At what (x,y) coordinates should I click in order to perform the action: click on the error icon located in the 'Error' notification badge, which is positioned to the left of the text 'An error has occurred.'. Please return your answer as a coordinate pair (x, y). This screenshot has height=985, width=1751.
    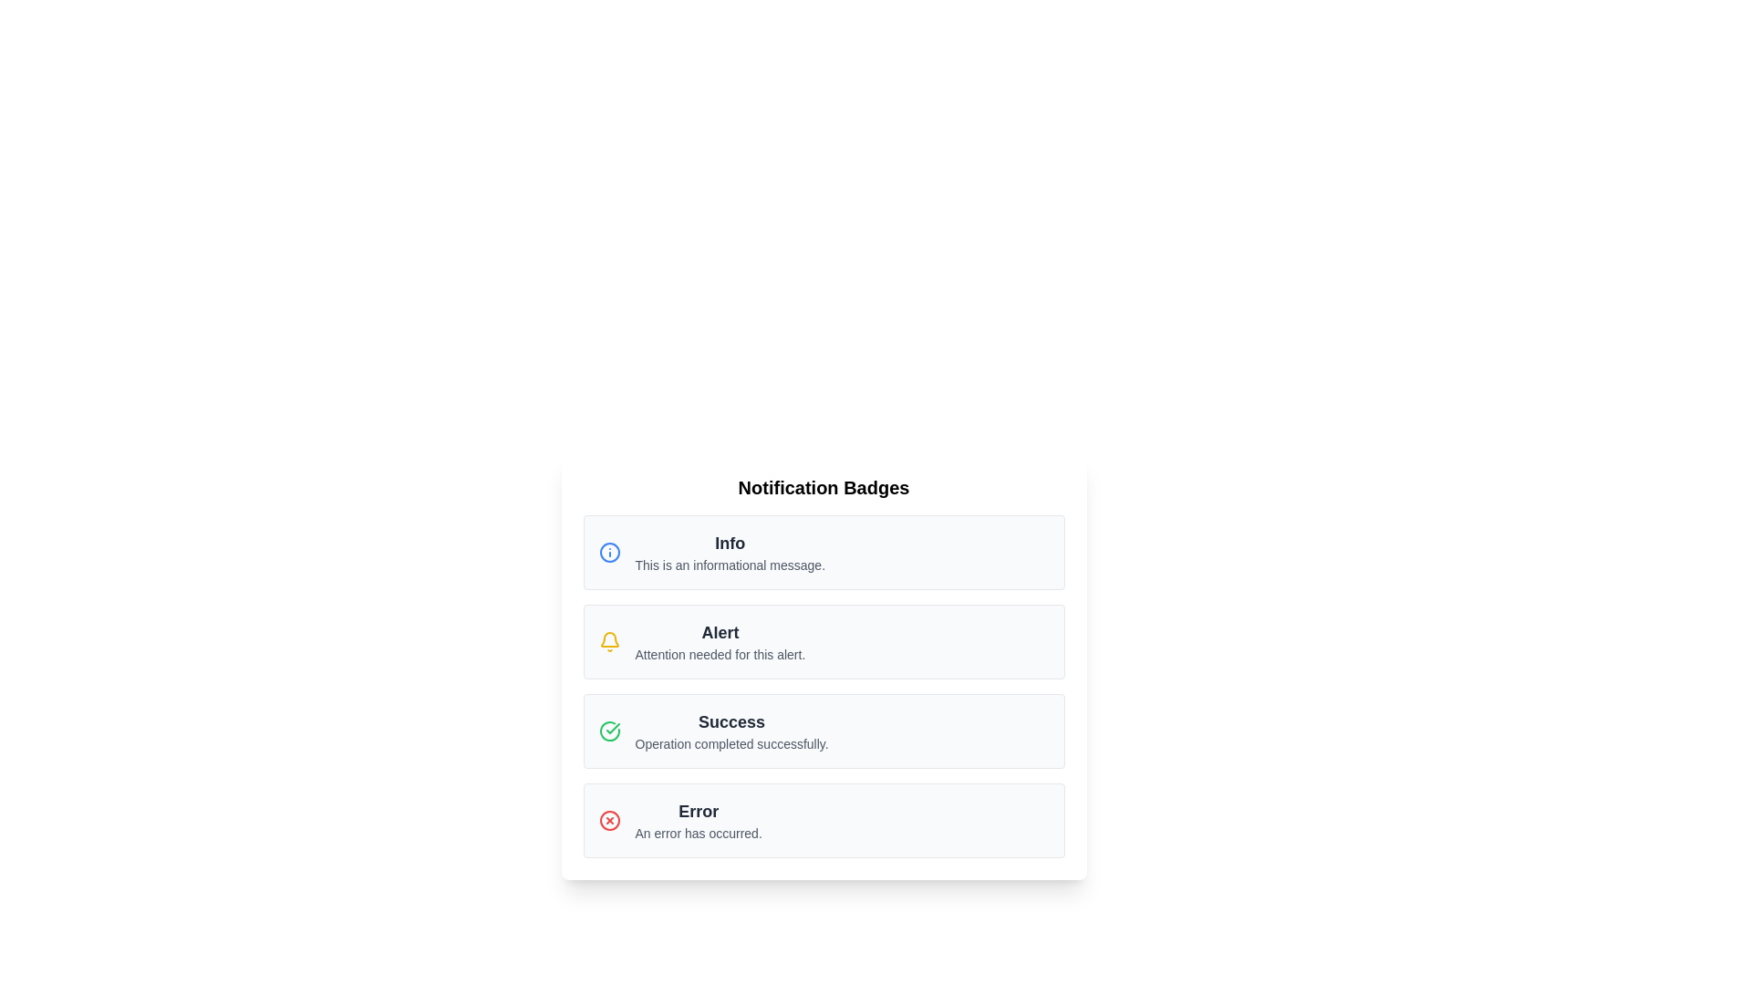
    Looking at the image, I should click on (609, 819).